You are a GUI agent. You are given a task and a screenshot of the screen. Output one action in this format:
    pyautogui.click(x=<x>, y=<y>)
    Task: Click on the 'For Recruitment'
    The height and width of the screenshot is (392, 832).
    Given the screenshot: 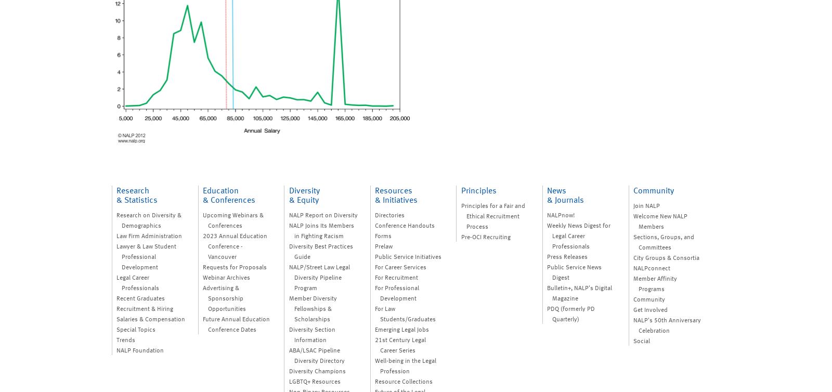 What is the action you would take?
    pyautogui.click(x=396, y=277)
    